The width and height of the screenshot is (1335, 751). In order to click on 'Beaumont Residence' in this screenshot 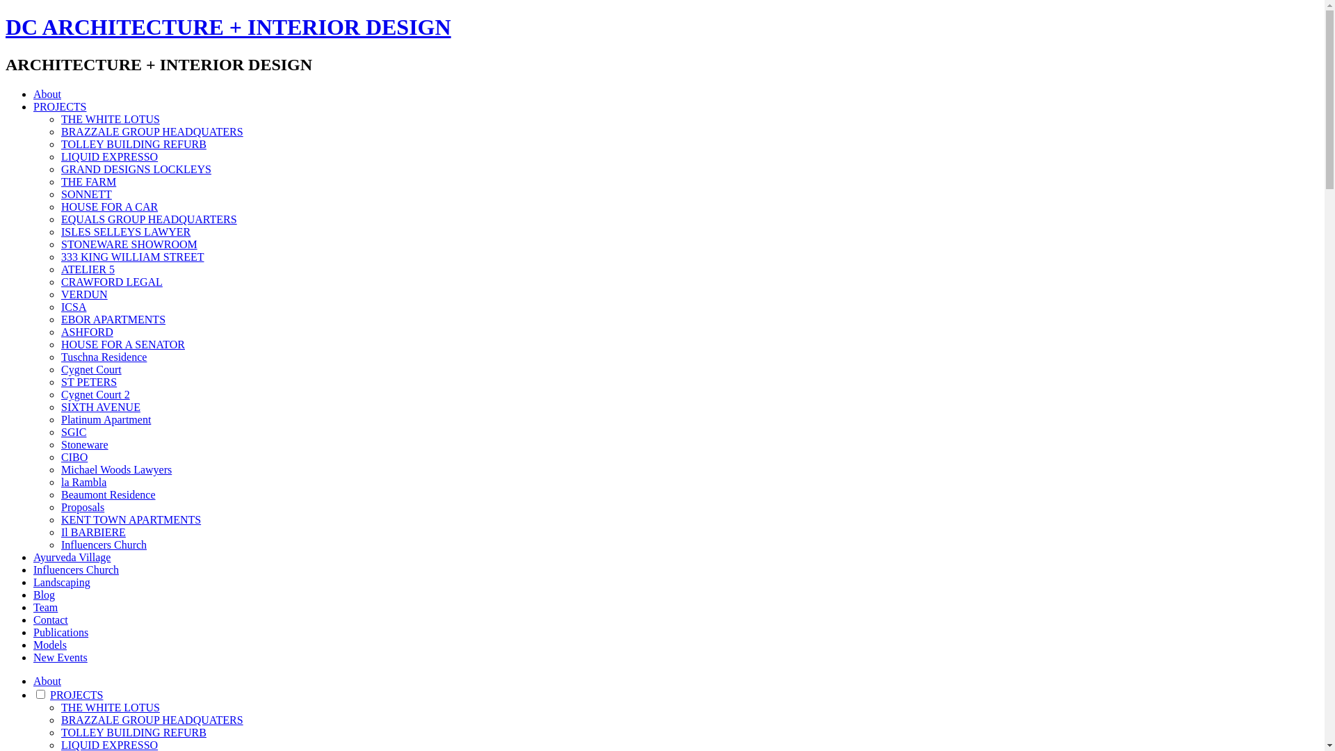, I will do `click(108, 494)`.